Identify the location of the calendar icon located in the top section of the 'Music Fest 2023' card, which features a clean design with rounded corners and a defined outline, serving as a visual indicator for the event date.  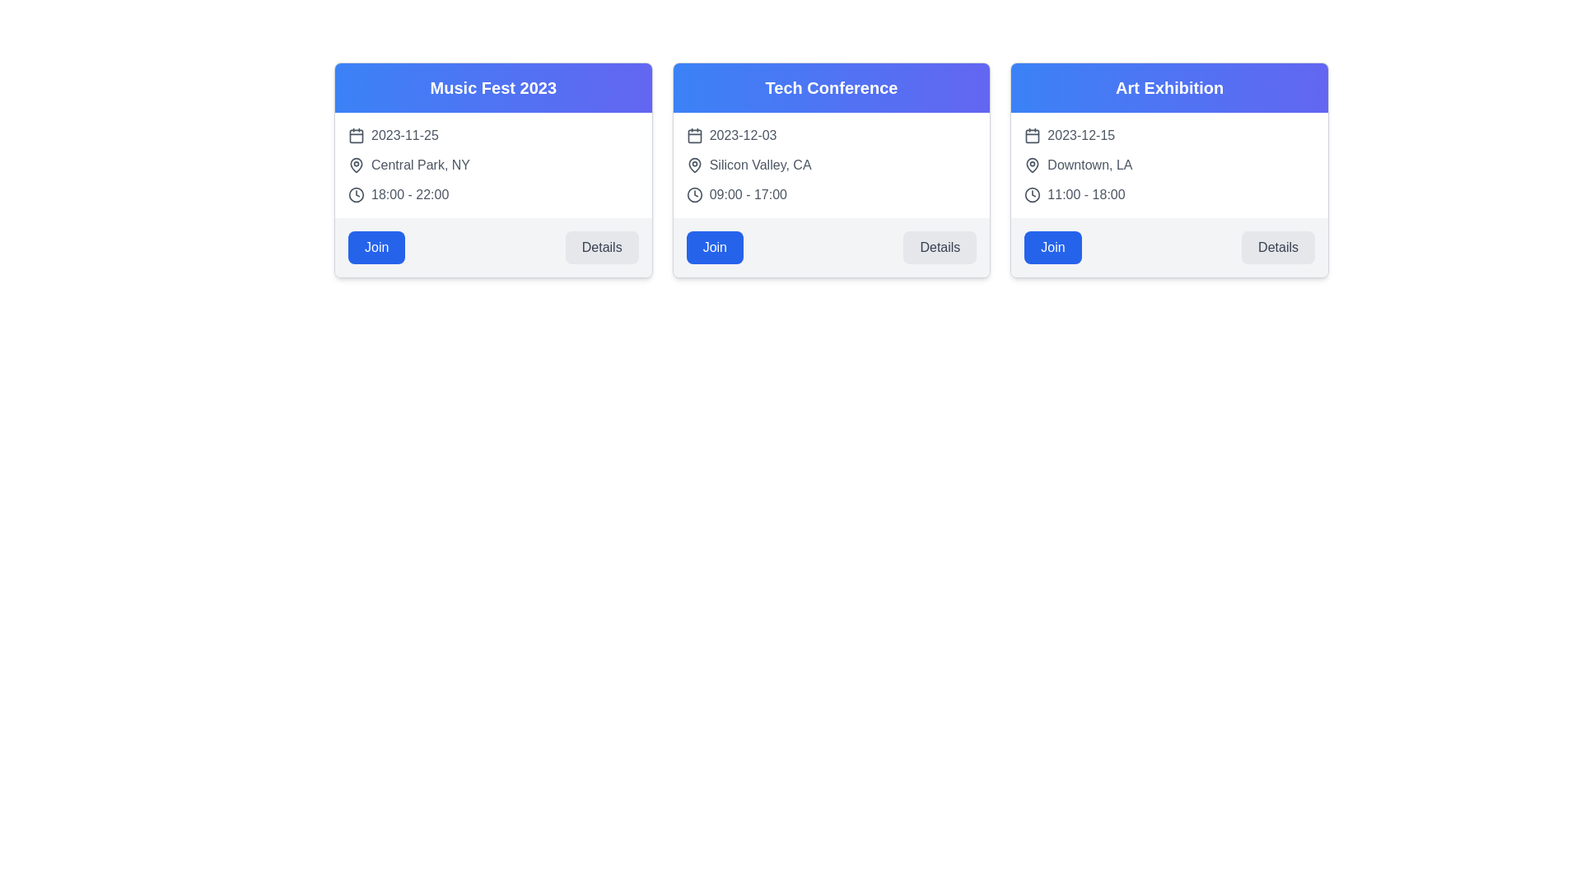
(355, 135).